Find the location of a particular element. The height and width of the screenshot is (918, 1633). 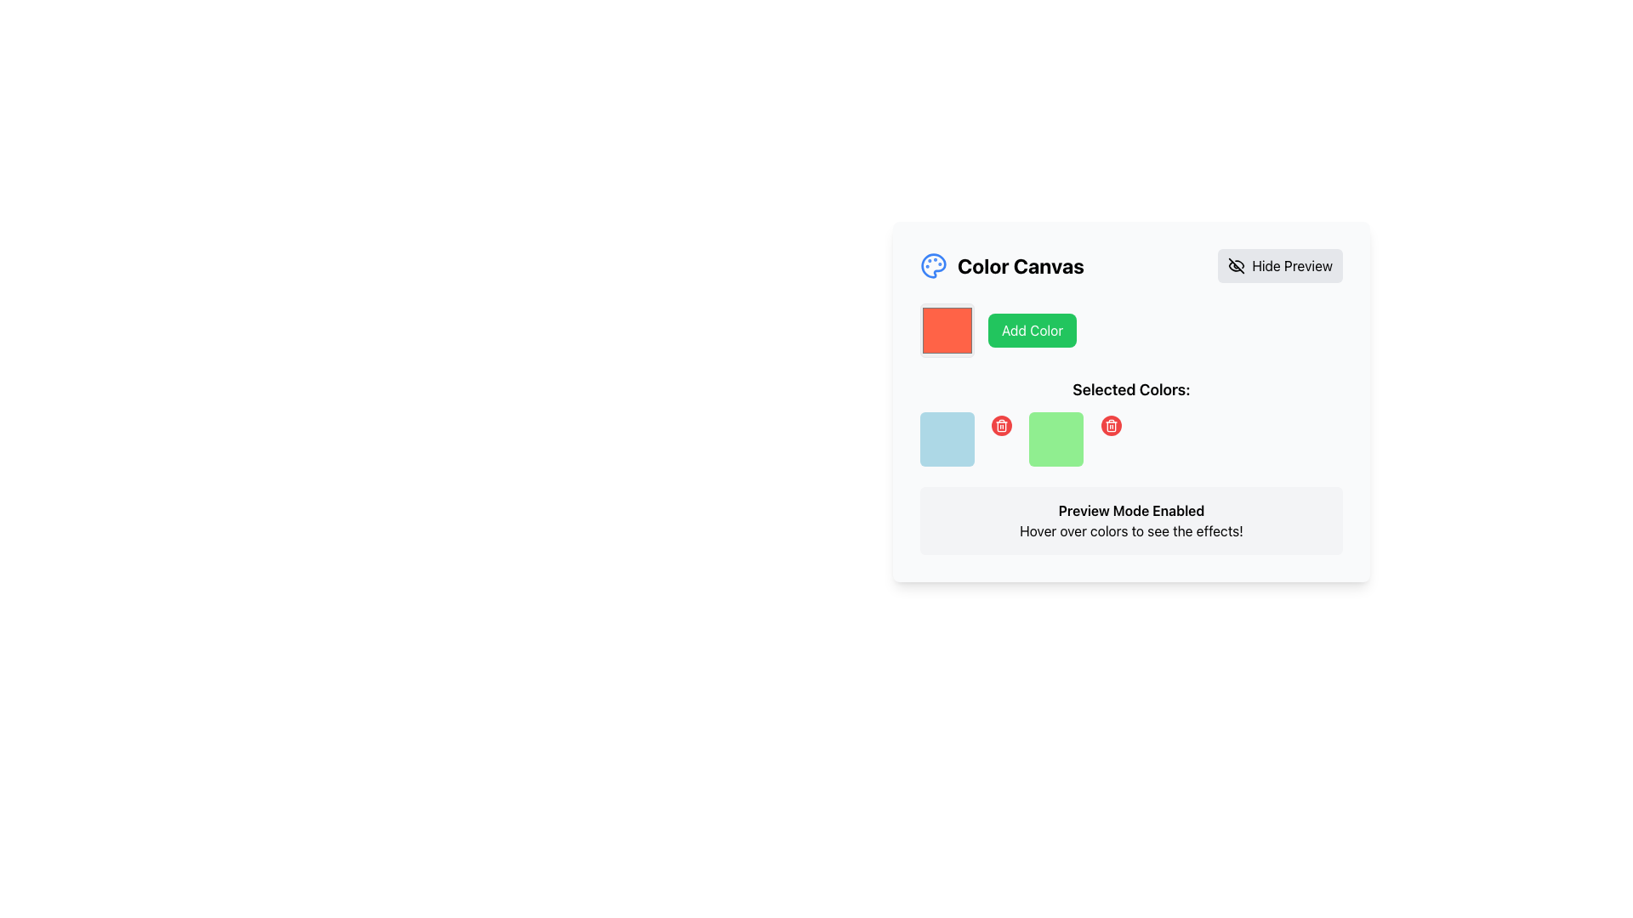

the second square with rounded corners in the 'Selected Colors' section, which has a light green background and is positioned to the right of a blue square and above a small red delete icon is located at coordinates (1055, 438).